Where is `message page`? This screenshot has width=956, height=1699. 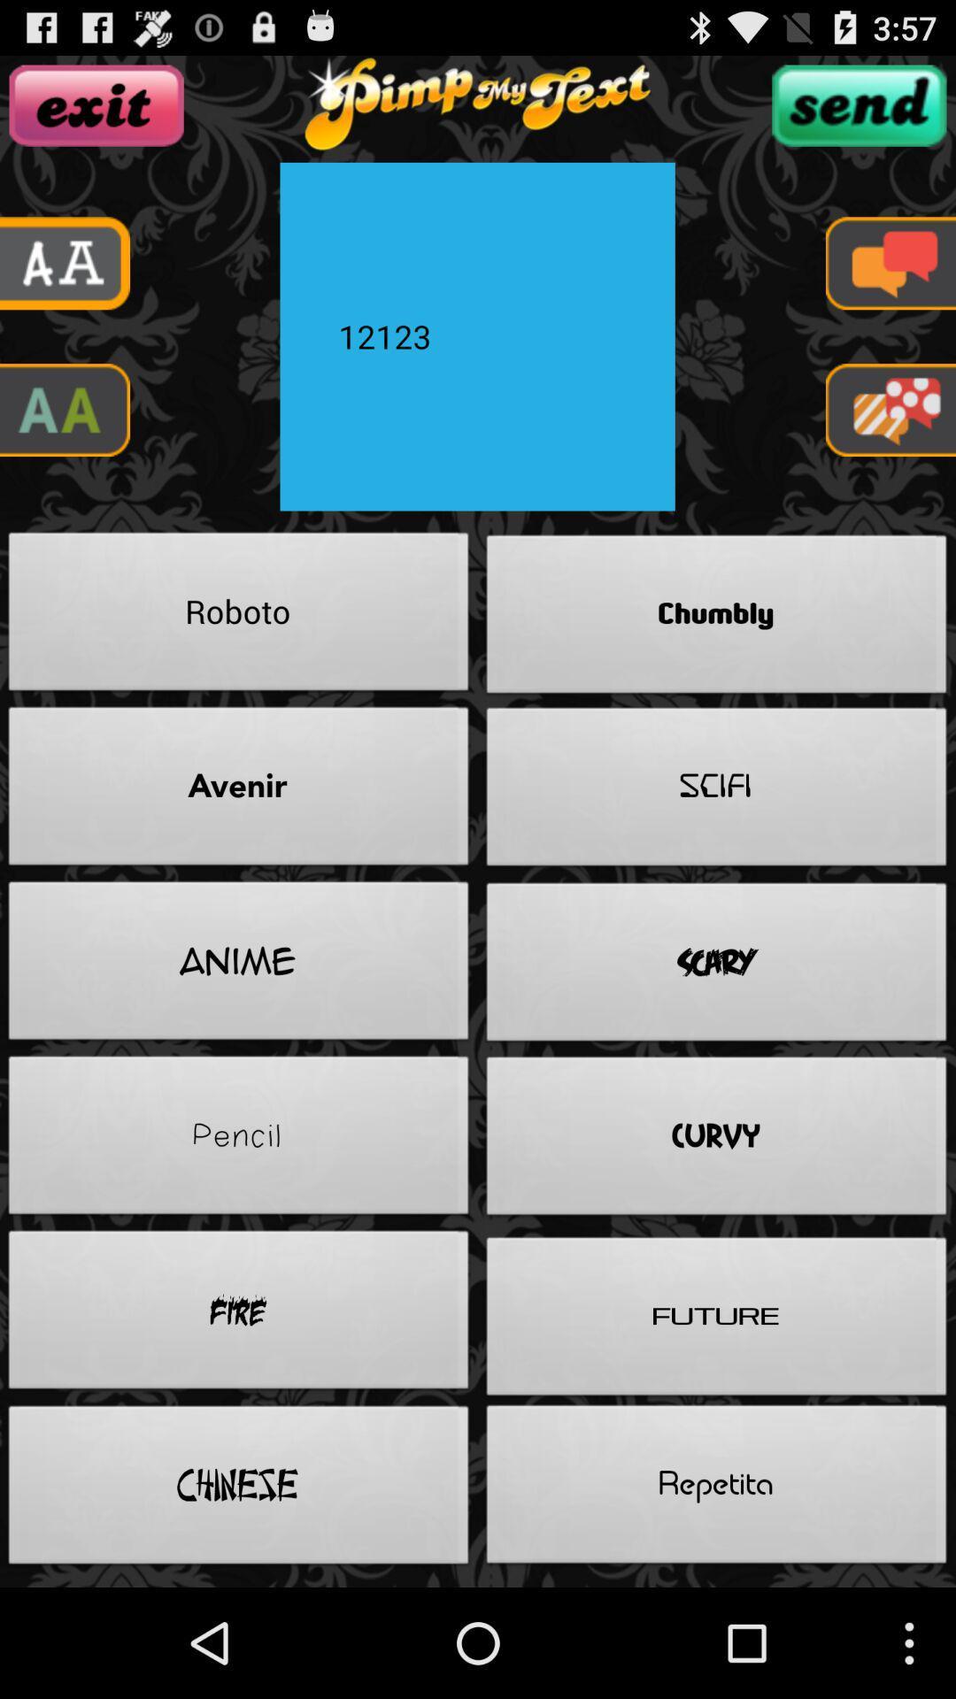 message page is located at coordinates (890, 262).